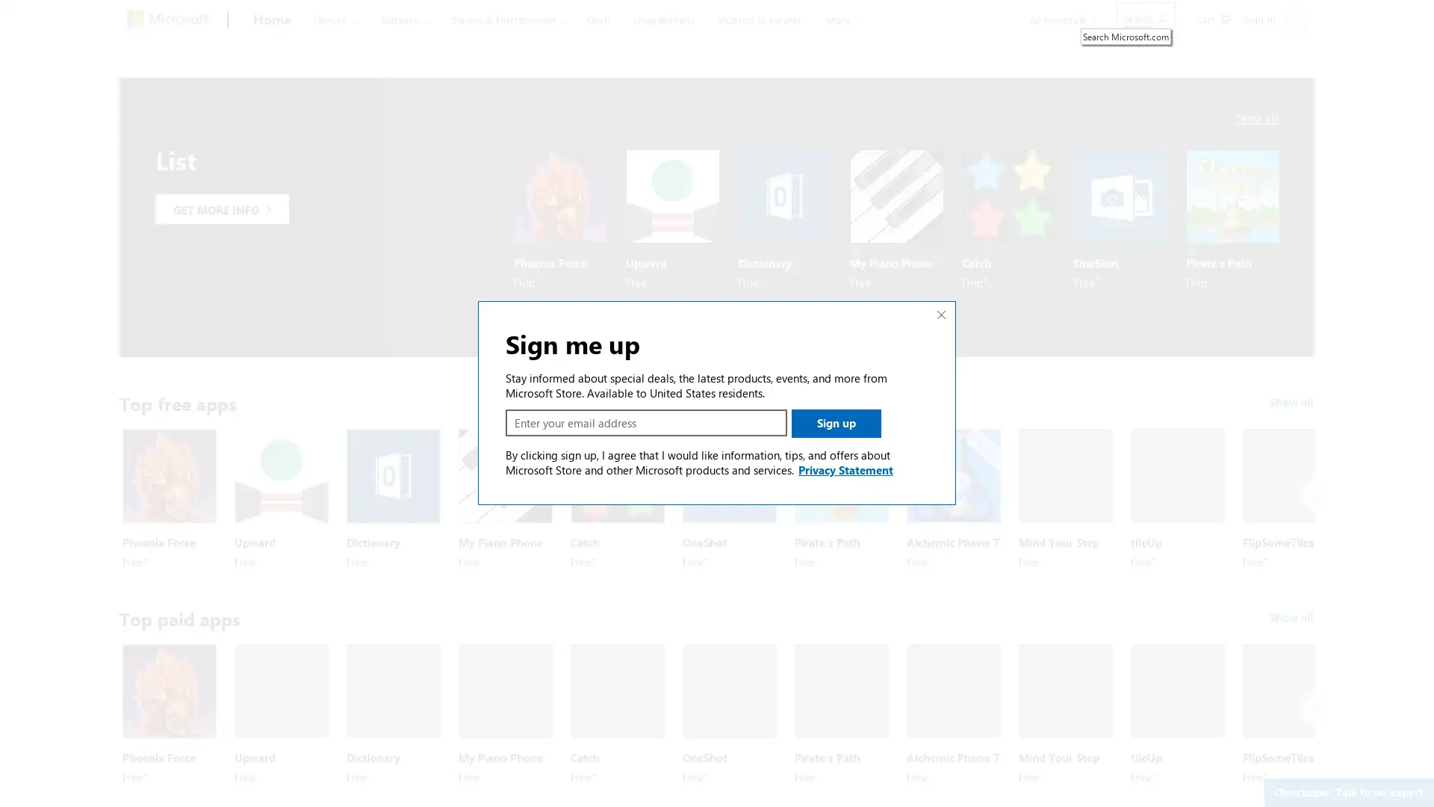 The height and width of the screenshot is (807, 1434). I want to click on Search Microsoft.com, so click(1145, 18).